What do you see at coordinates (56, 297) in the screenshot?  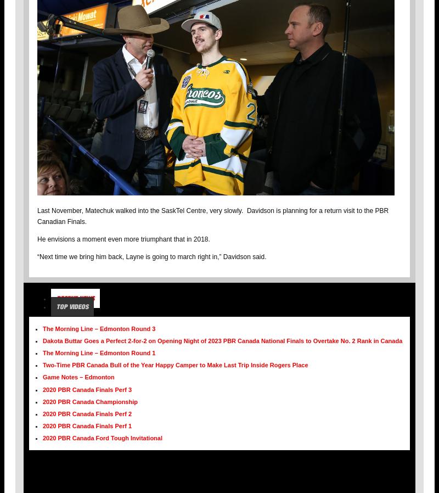 I see `'Recent News'` at bounding box center [56, 297].